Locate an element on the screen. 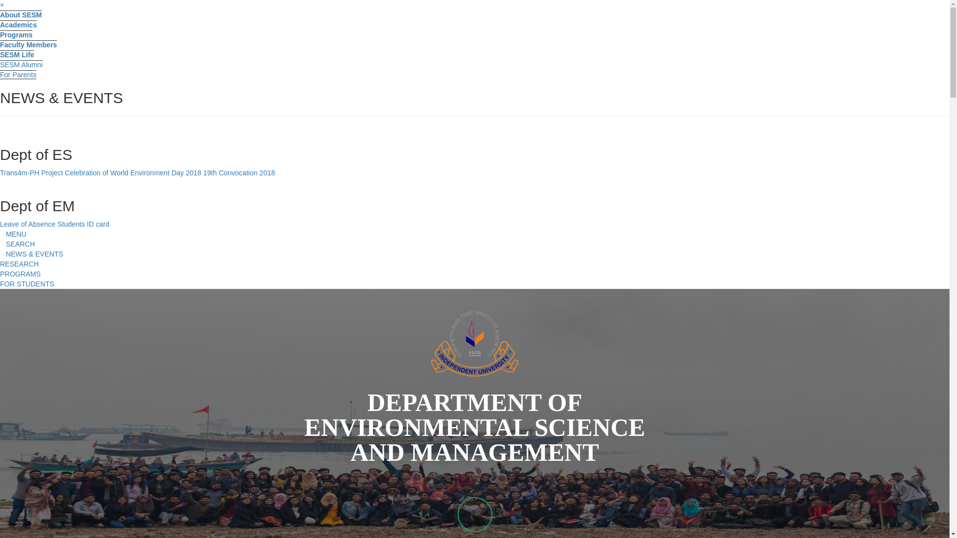 This screenshot has height=538, width=957. 'FOR STUDENTS' is located at coordinates (27, 284).